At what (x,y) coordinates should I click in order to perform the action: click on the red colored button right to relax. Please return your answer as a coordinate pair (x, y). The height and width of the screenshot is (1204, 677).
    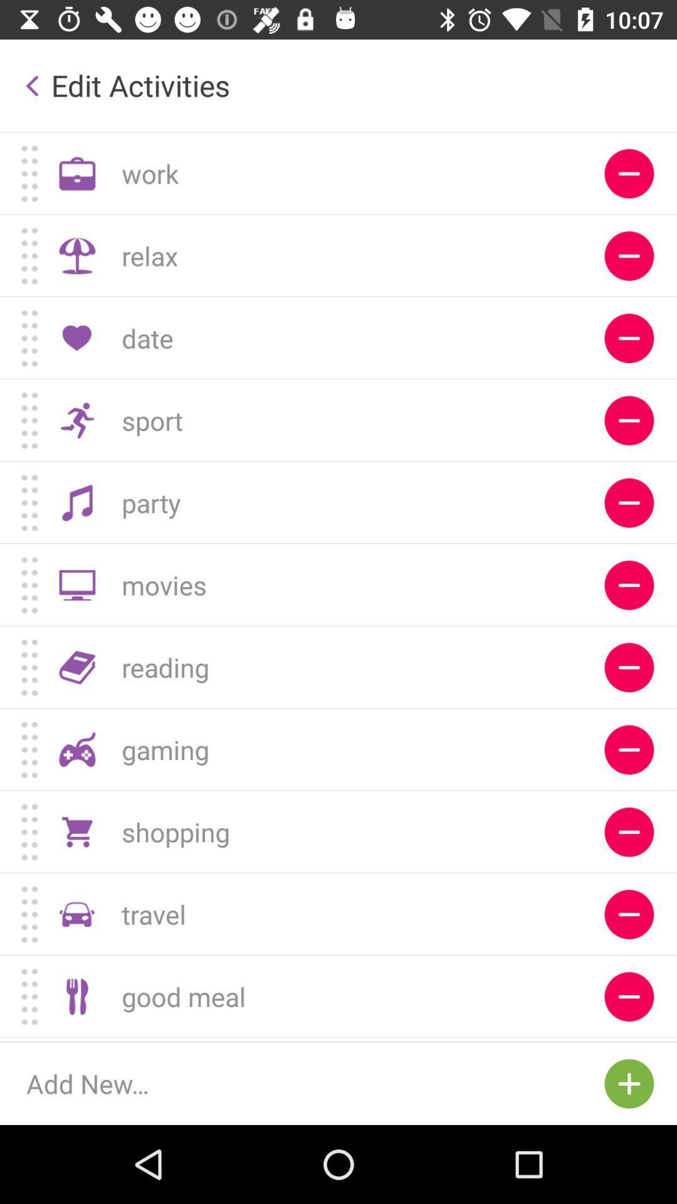
    Looking at the image, I should click on (629, 255).